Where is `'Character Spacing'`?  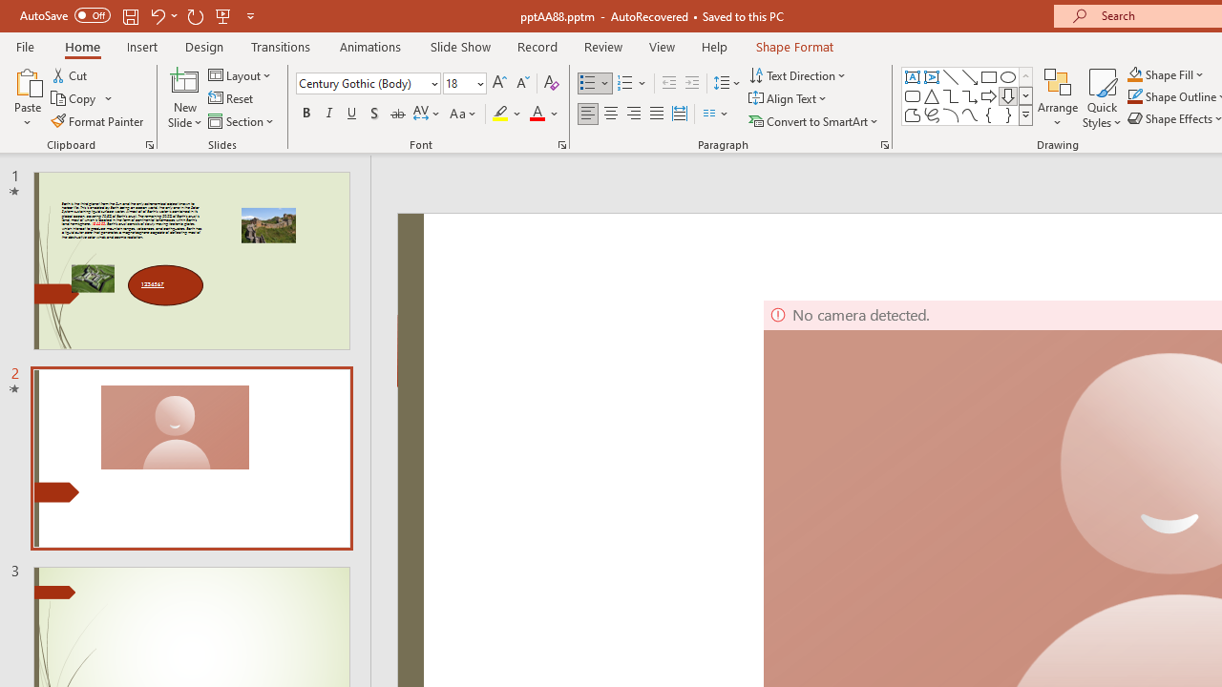 'Character Spacing' is located at coordinates (427, 114).